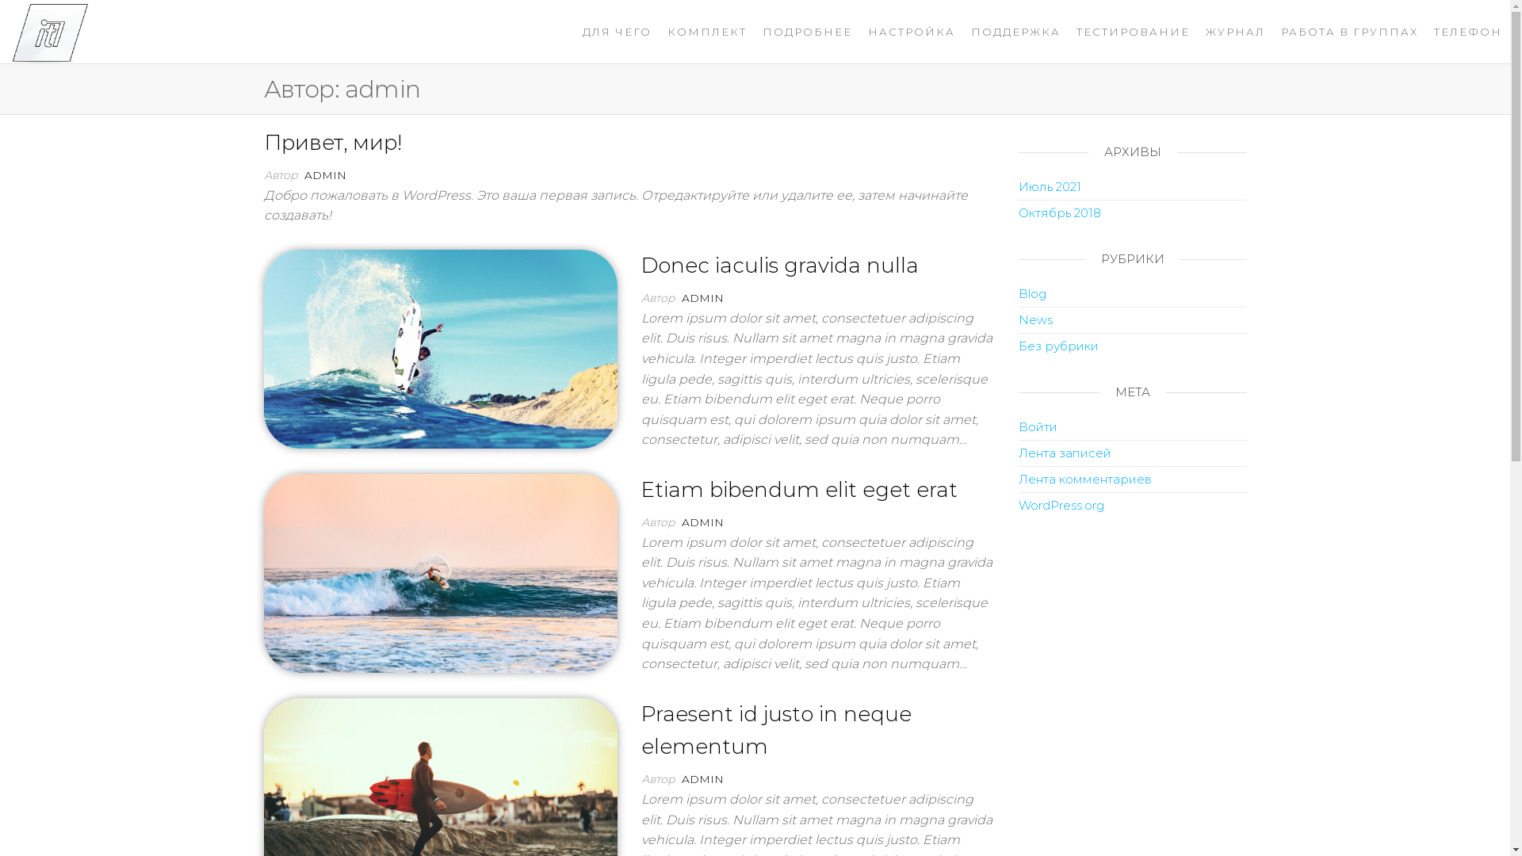  I want to click on 'Blog', so click(1032, 293).